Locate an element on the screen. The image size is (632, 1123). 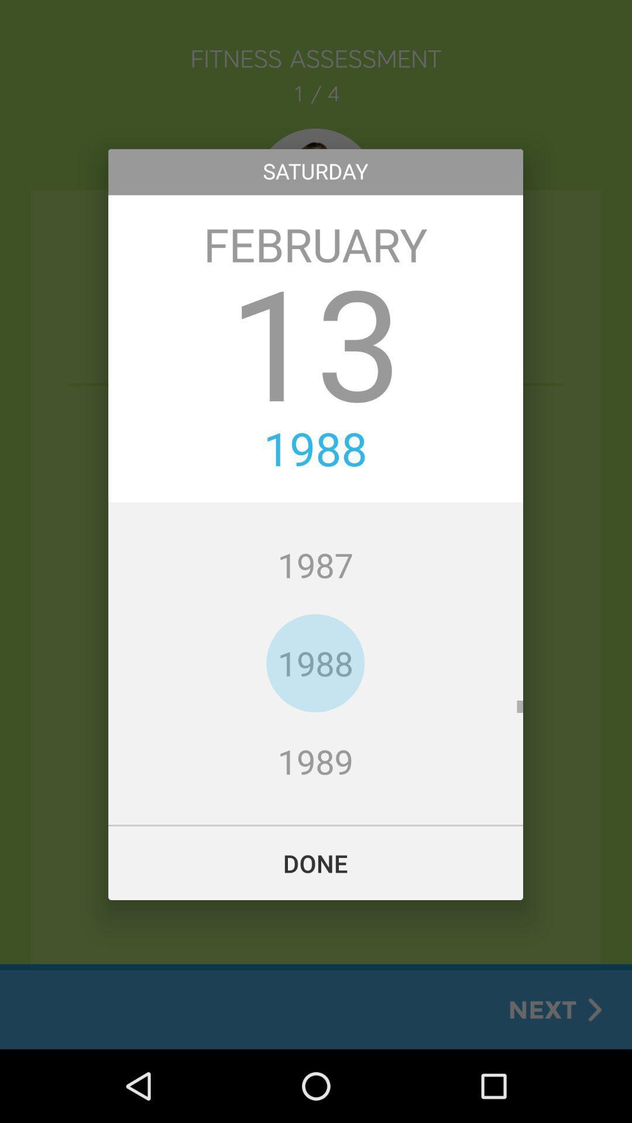
done item is located at coordinates (315, 863).